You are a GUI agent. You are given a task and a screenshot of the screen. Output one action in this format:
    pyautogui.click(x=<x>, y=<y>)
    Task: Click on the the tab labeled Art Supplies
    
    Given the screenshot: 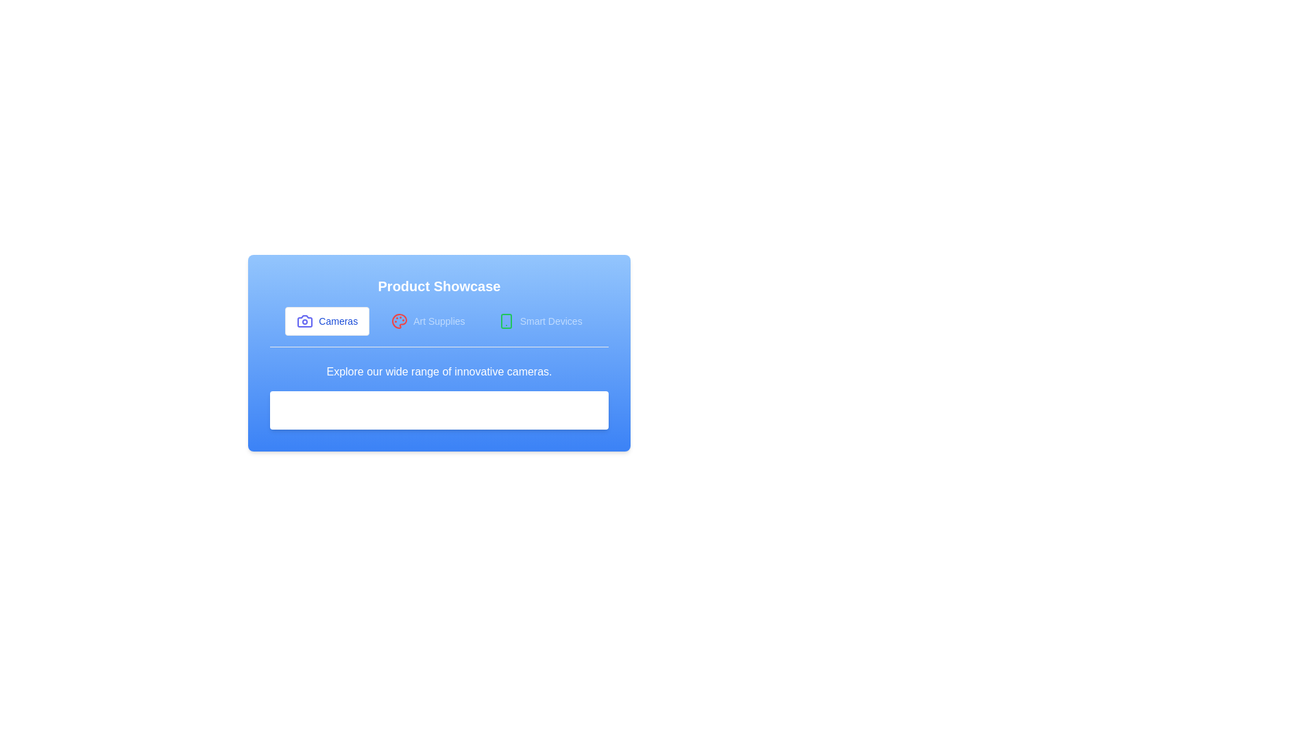 What is the action you would take?
    pyautogui.click(x=427, y=321)
    